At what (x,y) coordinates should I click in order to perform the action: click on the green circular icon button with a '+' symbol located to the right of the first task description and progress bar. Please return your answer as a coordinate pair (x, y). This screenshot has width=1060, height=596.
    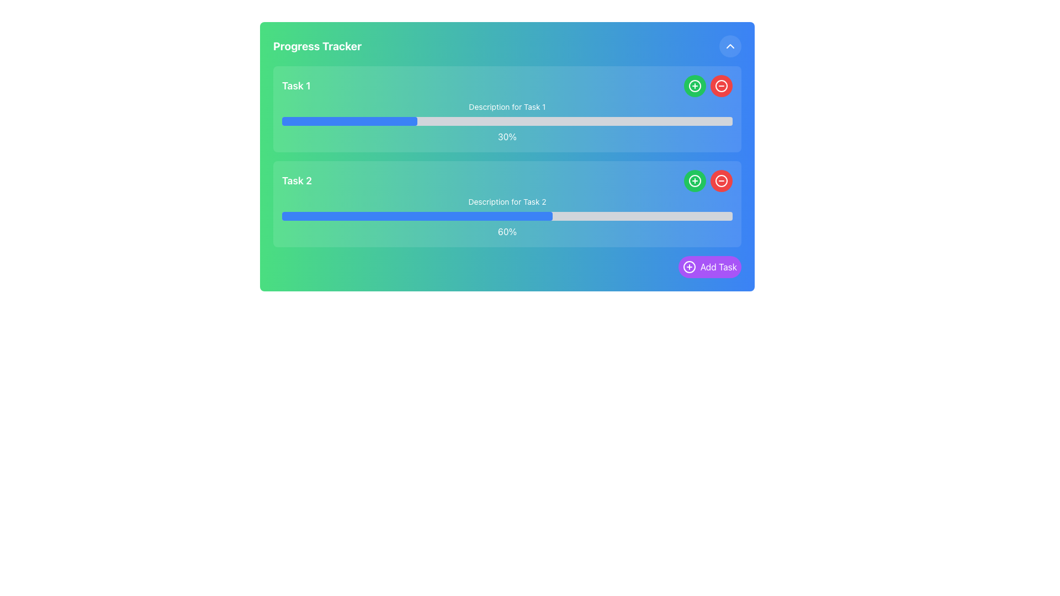
    Looking at the image, I should click on (694, 85).